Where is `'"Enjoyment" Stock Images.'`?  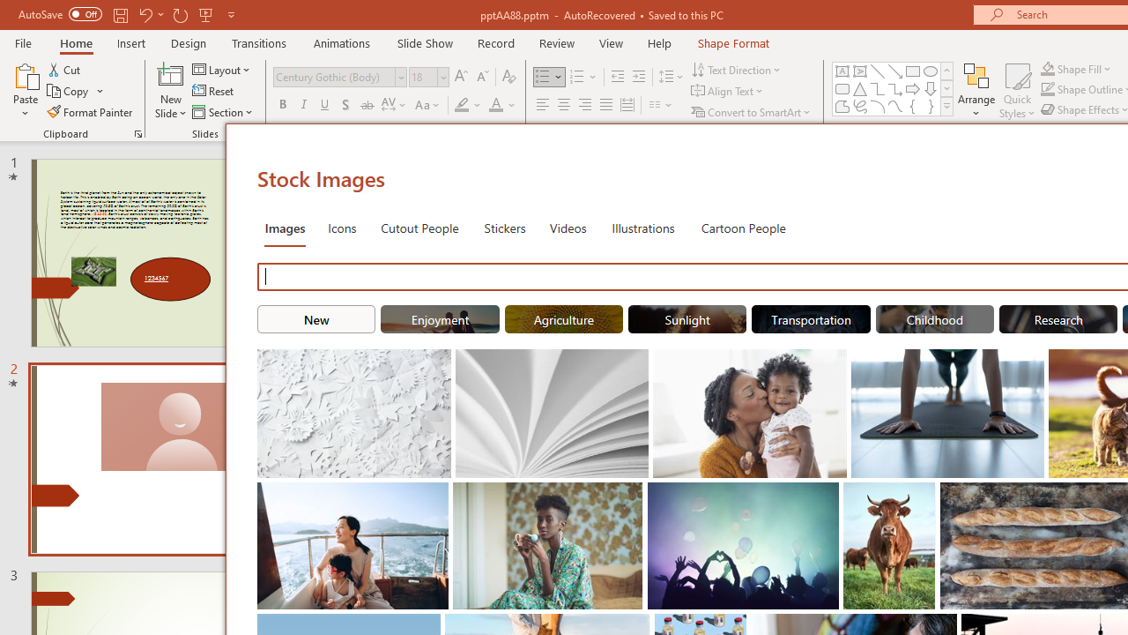 '"Enjoyment" Stock Images.' is located at coordinates (440, 319).